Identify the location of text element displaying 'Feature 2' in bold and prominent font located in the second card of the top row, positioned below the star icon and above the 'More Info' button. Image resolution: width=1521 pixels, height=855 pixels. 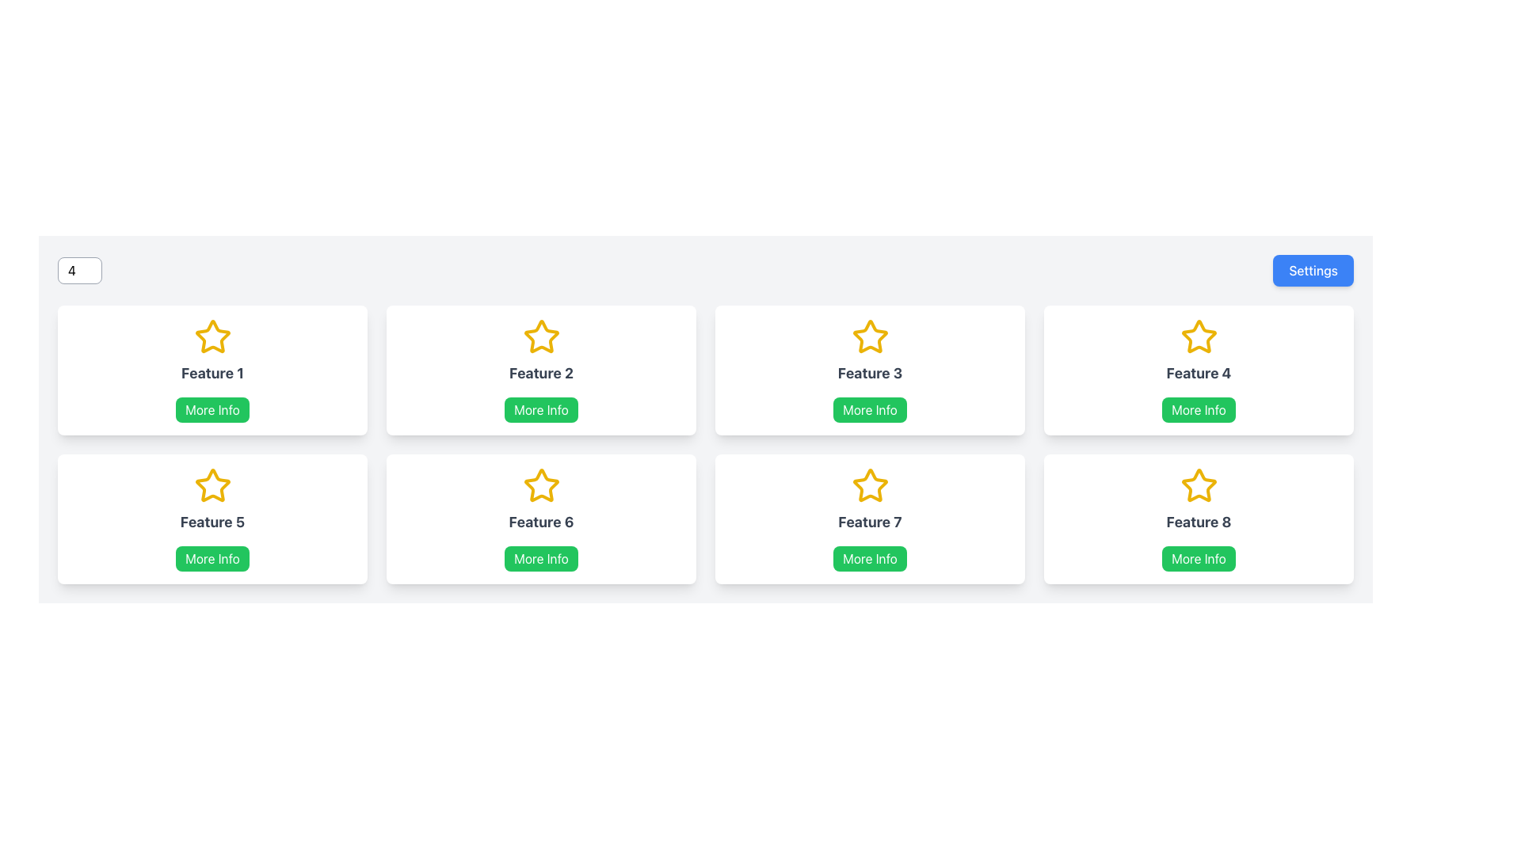
(541, 373).